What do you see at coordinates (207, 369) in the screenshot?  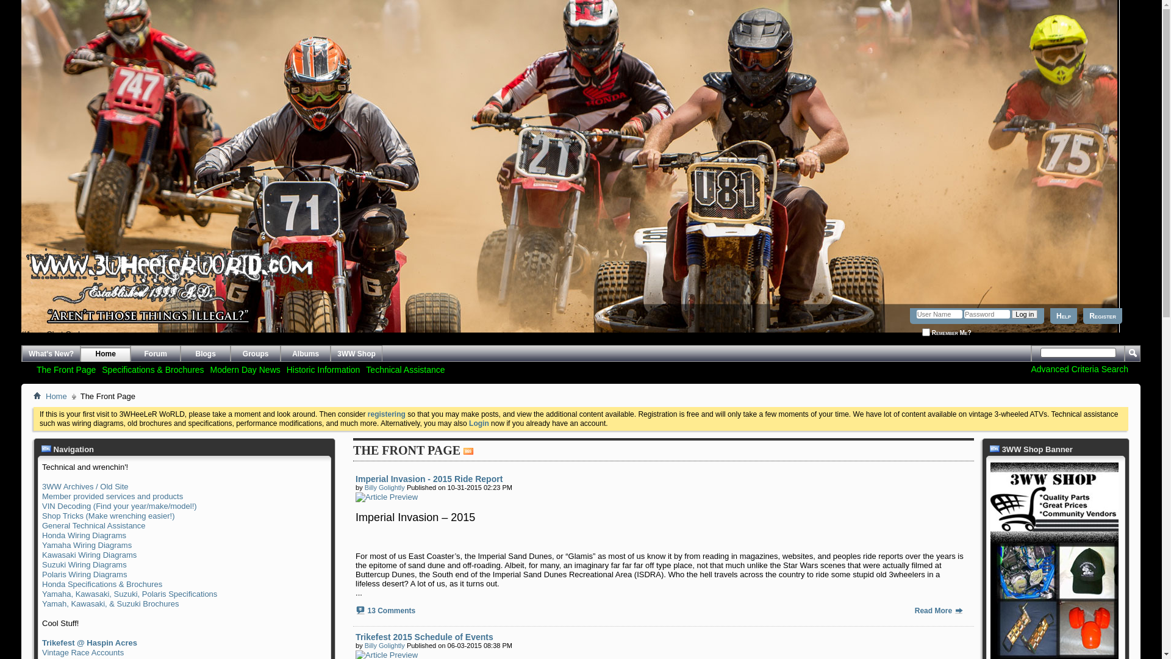 I see `'Modern Day News'` at bounding box center [207, 369].